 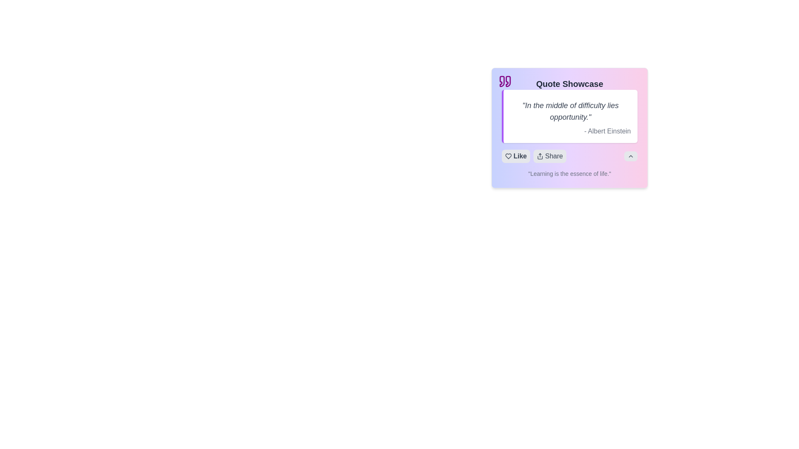 I want to click on the interactive button group located beneath the quote content in the card, so click(x=569, y=156).